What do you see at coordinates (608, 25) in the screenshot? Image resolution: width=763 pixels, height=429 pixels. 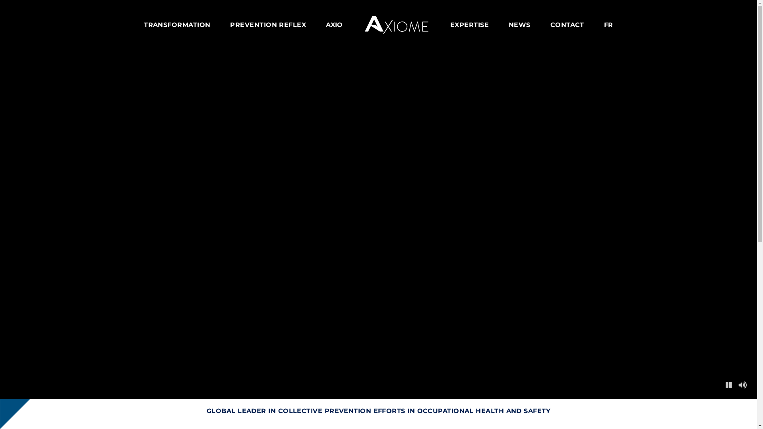 I see `'FR'` at bounding box center [608, 25].